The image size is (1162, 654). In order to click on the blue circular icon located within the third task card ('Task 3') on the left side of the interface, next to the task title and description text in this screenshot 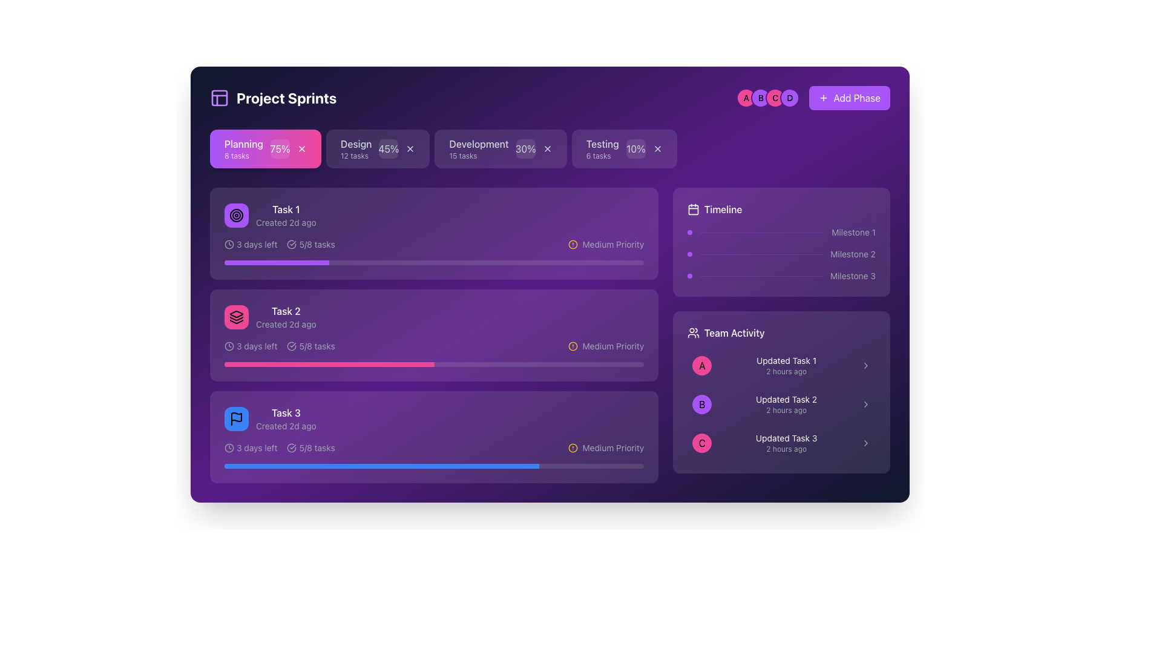, I will do `click(236, 418)`.